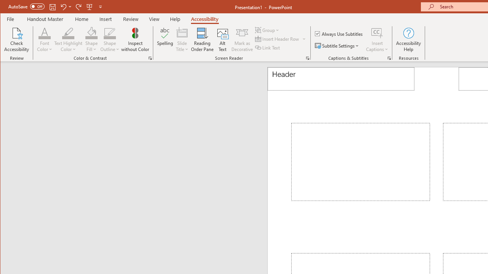  What do you see at coordinates (377, 32) in the screenshot?
I see `'Insert Captions'` at bounding box center [377, 32].